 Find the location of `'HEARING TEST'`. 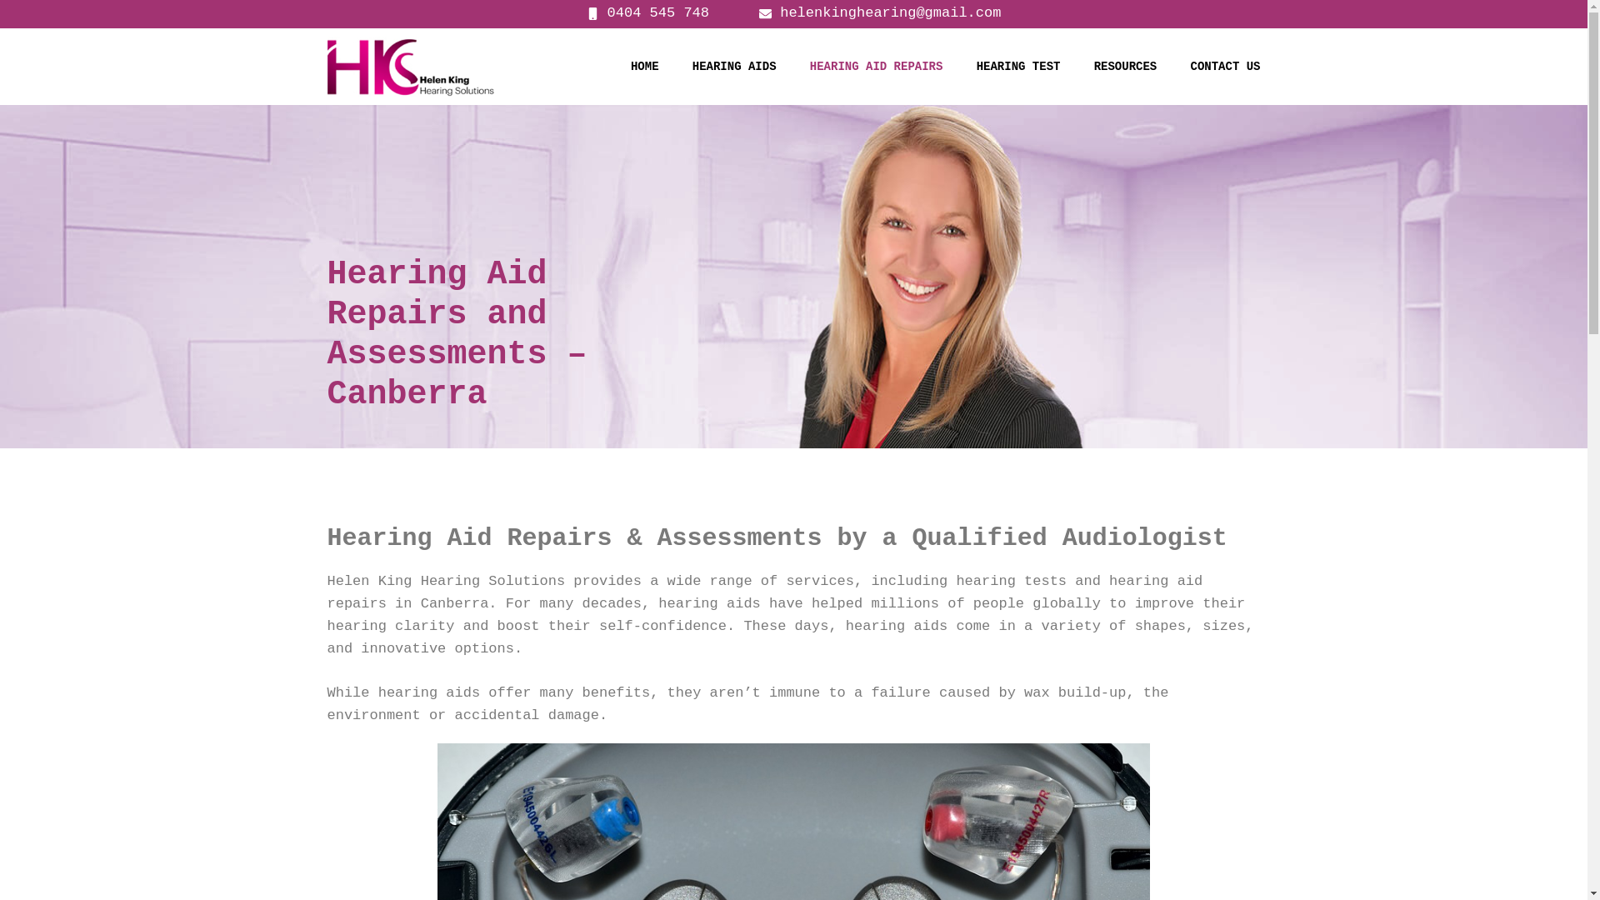

'HEARING TEST' is located at coordinates (1017, 66).